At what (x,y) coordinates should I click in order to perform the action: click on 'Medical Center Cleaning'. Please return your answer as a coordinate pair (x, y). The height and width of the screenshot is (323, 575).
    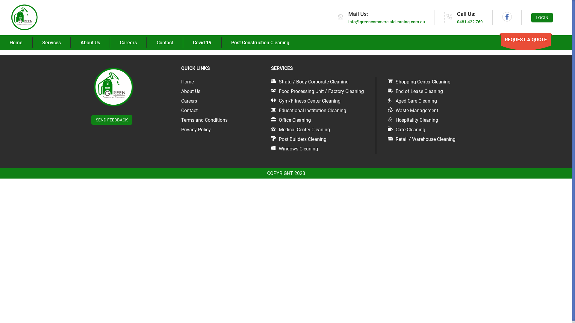
    Looking at the image, I should click on (300, 129).